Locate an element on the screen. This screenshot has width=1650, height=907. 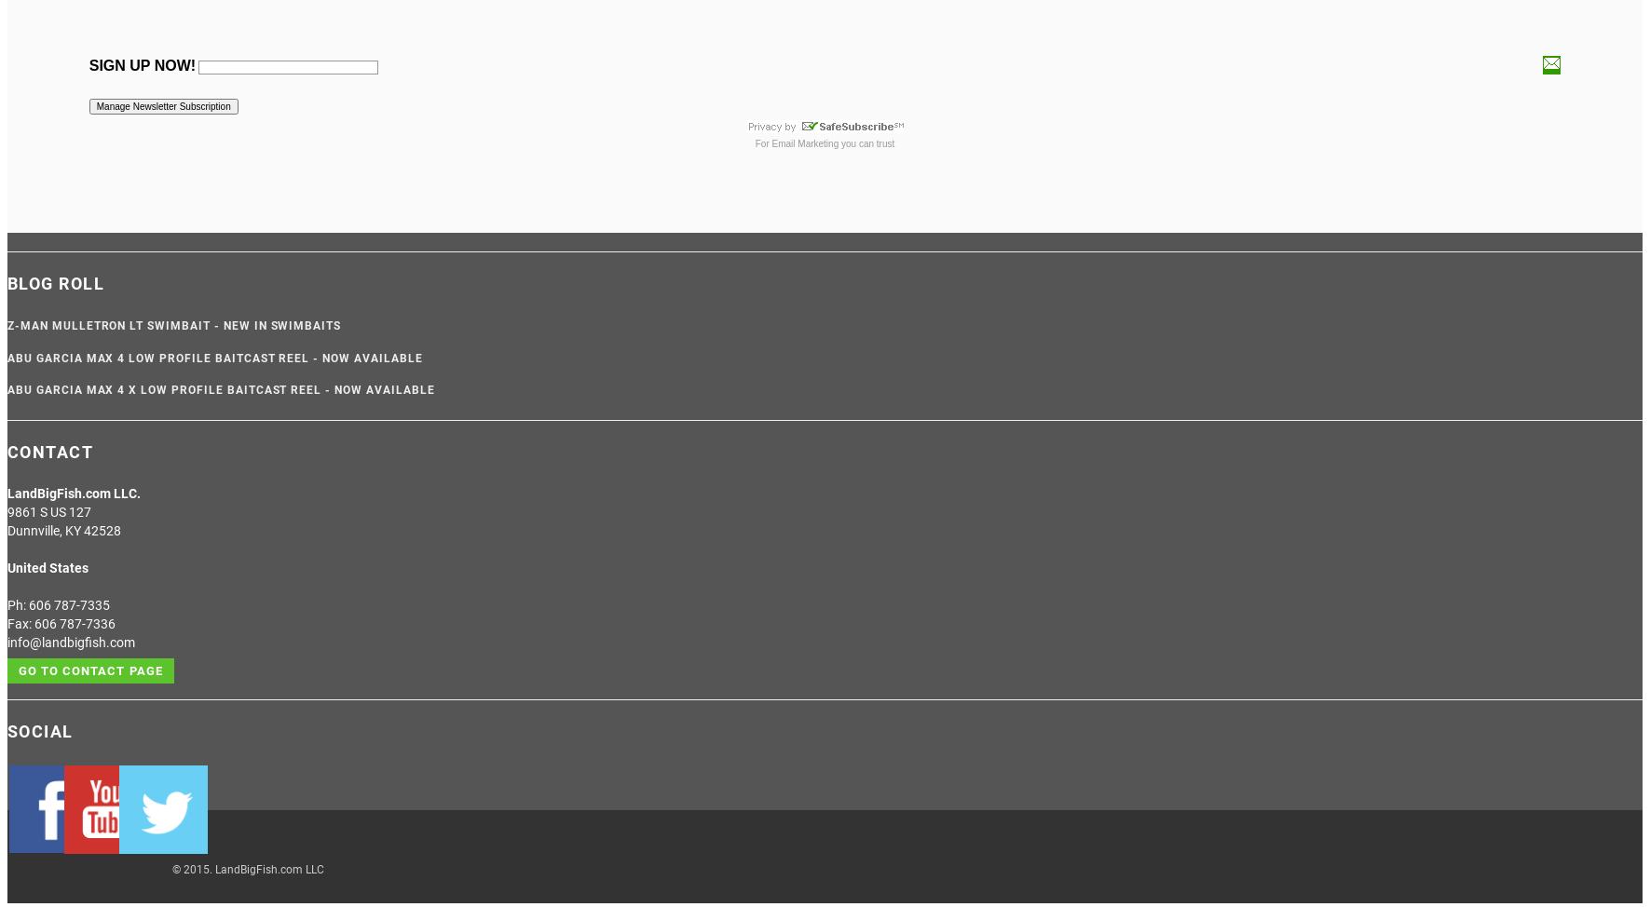
'SIGN UP NOW!' is located at coordinates (87, 65).